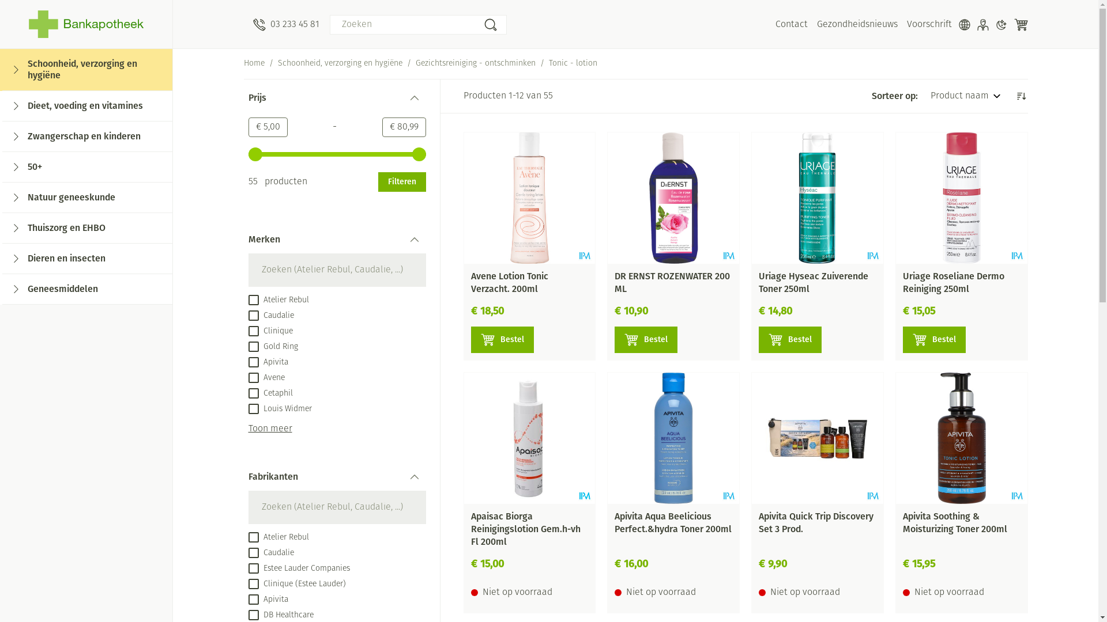 This screenshot has height=622, width=1107. Describe the element at coordinates (1000, 24) in the screenshot. I see `'Donkere modus'` at that location.